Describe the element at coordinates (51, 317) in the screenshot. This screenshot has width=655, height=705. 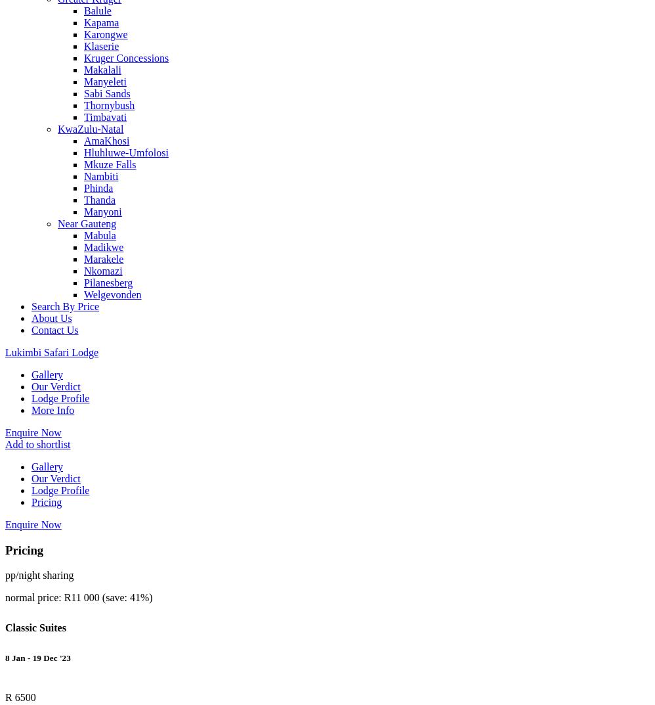
I see `'About Us'` at that location.